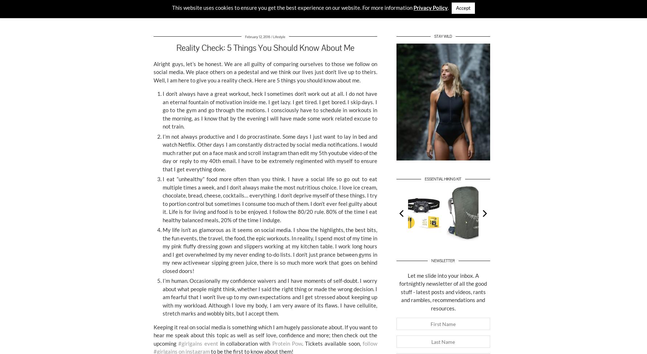  Describe the element at coordinates (421, 236) in the screenshot. I see `'Head Torch'` at that location.